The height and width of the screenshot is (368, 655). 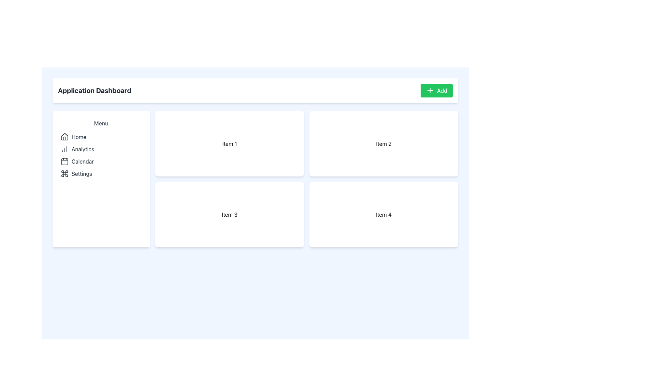 What do you see at coordinates (65, 149) in the screenshot?
I see `the 'Analytics' icon located in the vertical menu on the left side of the interface` at bounding box center [65, 149].